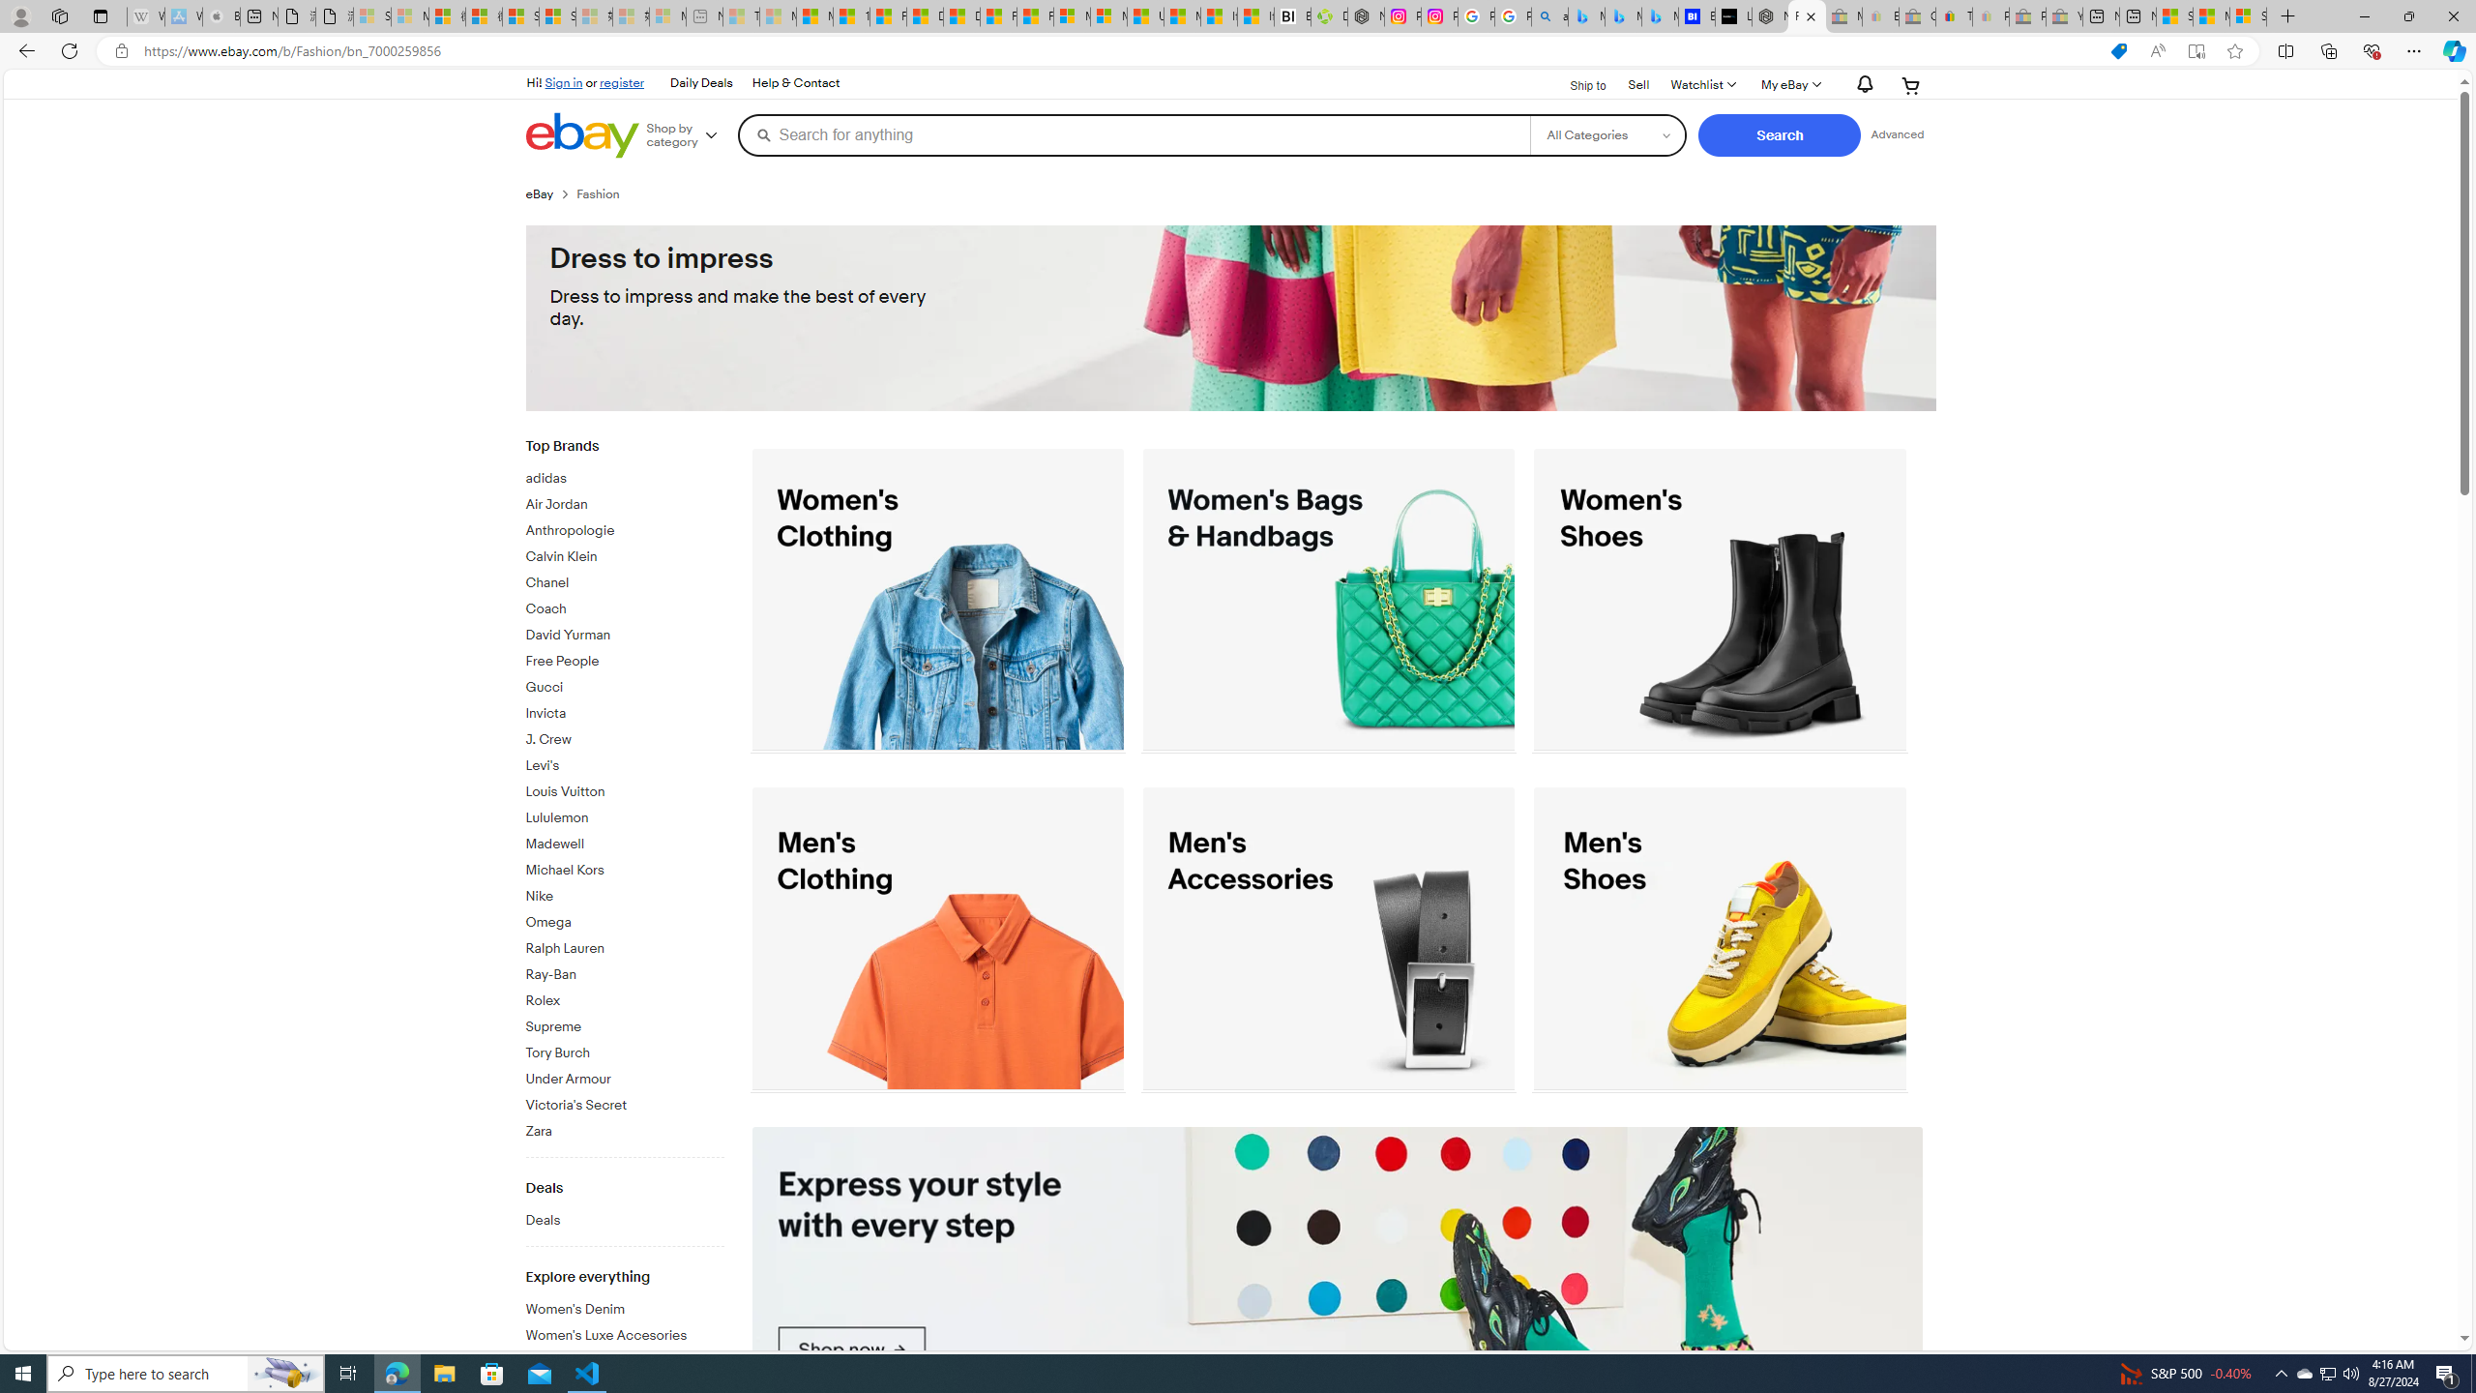  What do you see at coordinates (624, 948) in the screenshot?
I see `'Ralph Lauren'` at bounding box center [624, 948].